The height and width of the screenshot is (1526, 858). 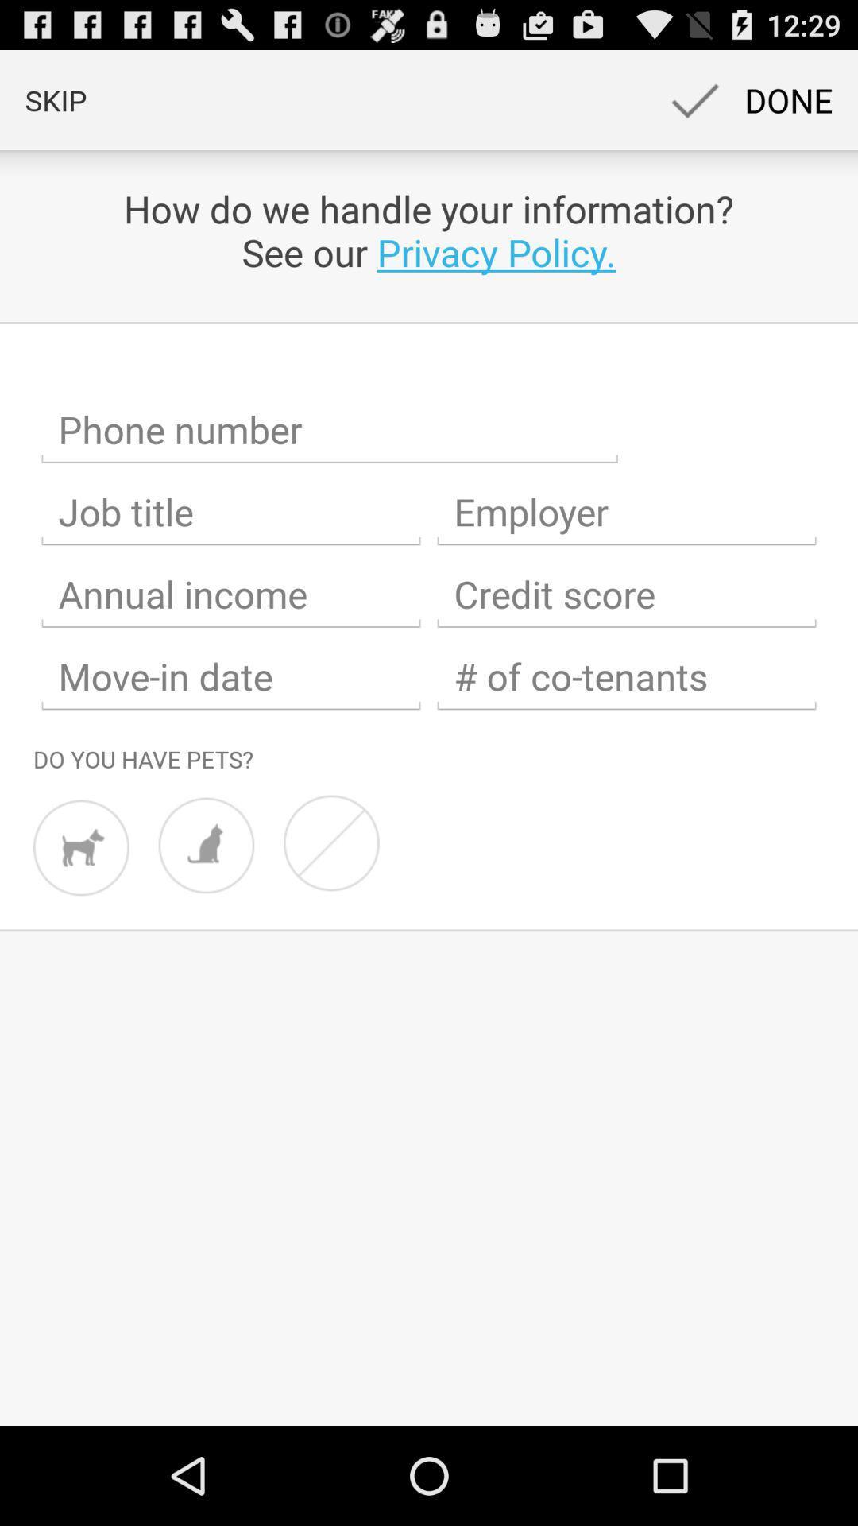 What do you see at coordinates (230, 594) in the screenshot?
I see `create annual income` at bounding box center [230, 594].